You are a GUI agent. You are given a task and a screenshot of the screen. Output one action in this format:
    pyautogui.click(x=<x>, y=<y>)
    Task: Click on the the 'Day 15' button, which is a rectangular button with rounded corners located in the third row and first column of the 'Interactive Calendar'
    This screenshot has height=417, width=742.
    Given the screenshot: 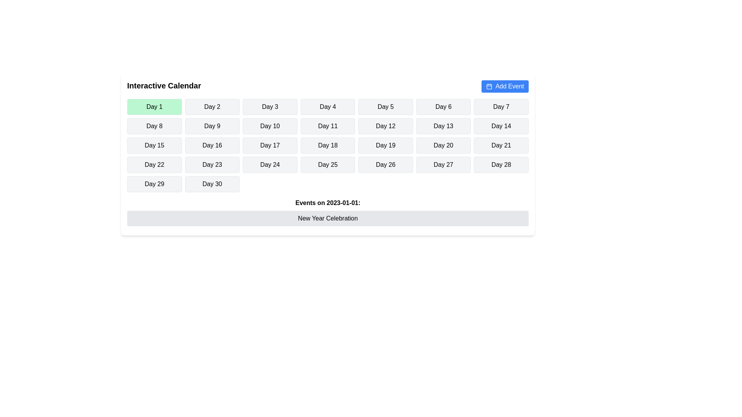 What is the action you would take?
    pyautogui.click(x=154, y=146)
    